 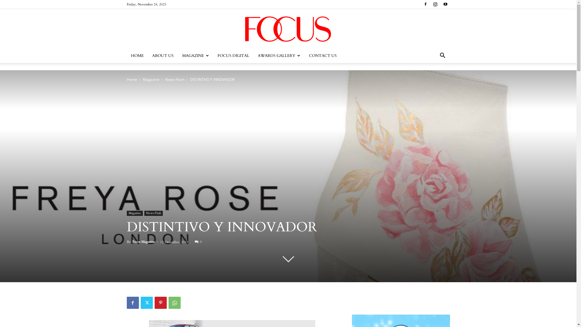 What do you see at coordinates (322, 56) in the screenshot?
I see `'CONTACT US'` at bounding box center [322, 56].